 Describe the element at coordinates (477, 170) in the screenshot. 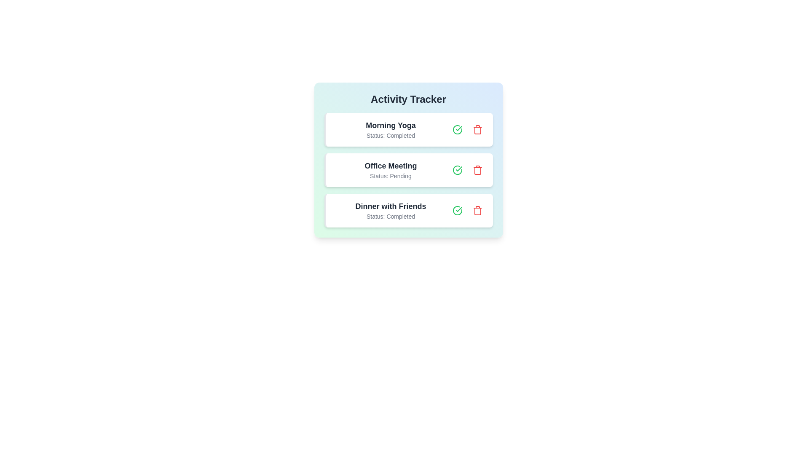

I see `trash can button to remove the activity Office Meeting` at that location.